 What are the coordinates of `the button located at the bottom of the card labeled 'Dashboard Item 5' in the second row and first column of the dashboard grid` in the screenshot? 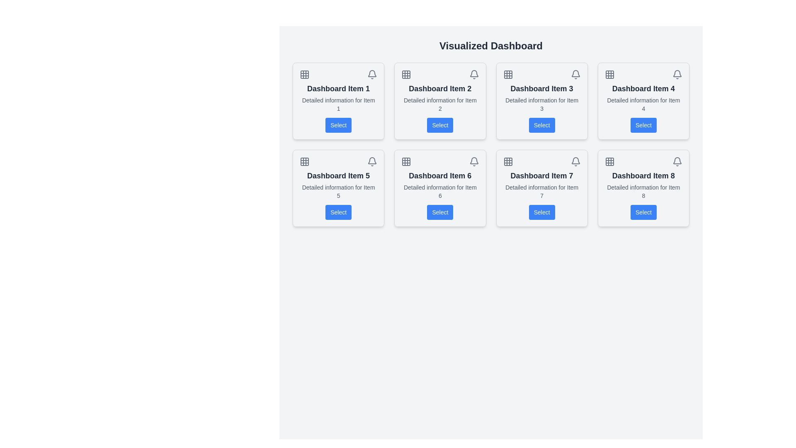 It's located at (338, 212).